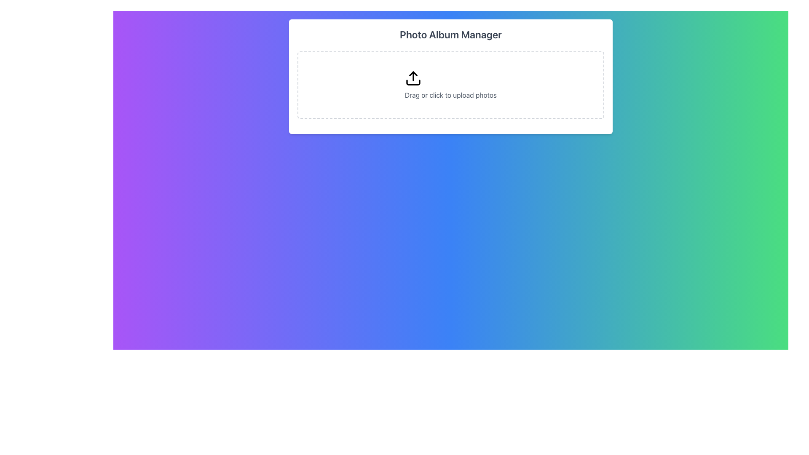  I want to click on the upload icon, which is a vector graphic of an upward-pointing arrow with a curving base, to initiate the upload action, so click(413, 78).